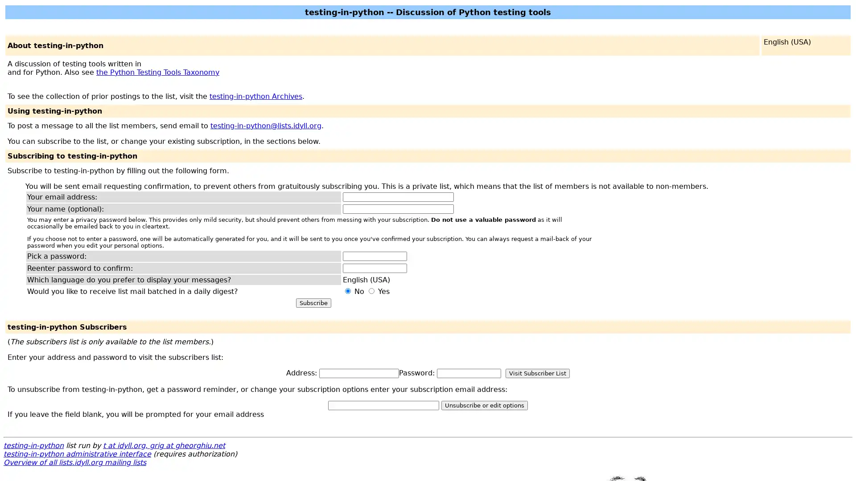 The image size is (856, 481). I want to click on Subscribe, so click(313, 302).